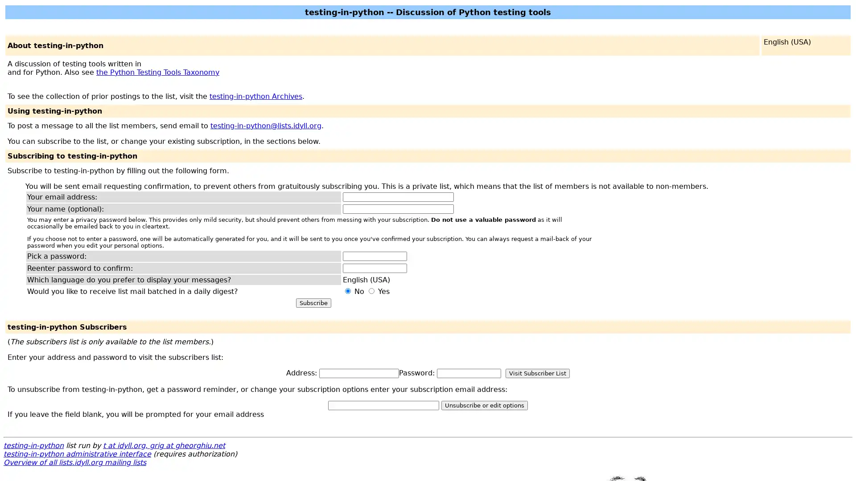 The image size is (856, 481). I want to click on Subscribe, so click(313, 302).